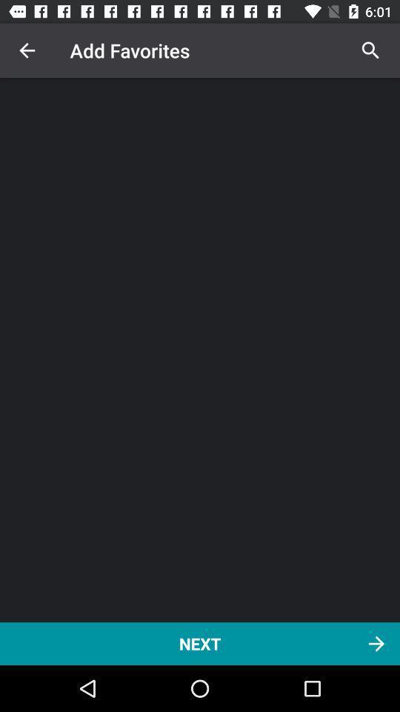 The height and width of the screenshot is (712, 400). What do you see at coordinates (27, 50) in the screenshot?
I see `icon next to add favorites icon` at bounding box center [27, 50].